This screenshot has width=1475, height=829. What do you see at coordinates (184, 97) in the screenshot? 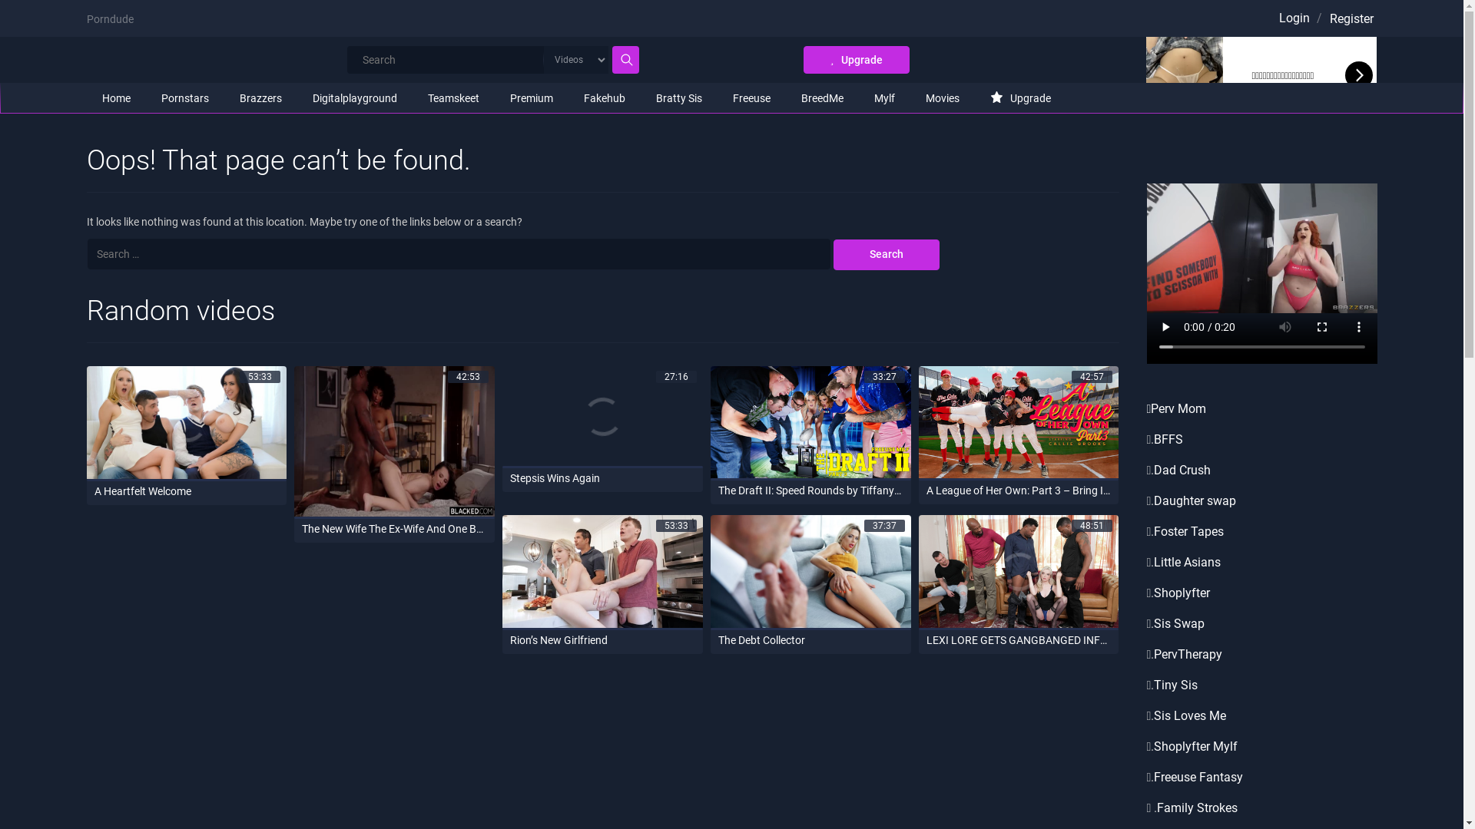
I see `'Pornstars'` at bounding box center [184, 97].